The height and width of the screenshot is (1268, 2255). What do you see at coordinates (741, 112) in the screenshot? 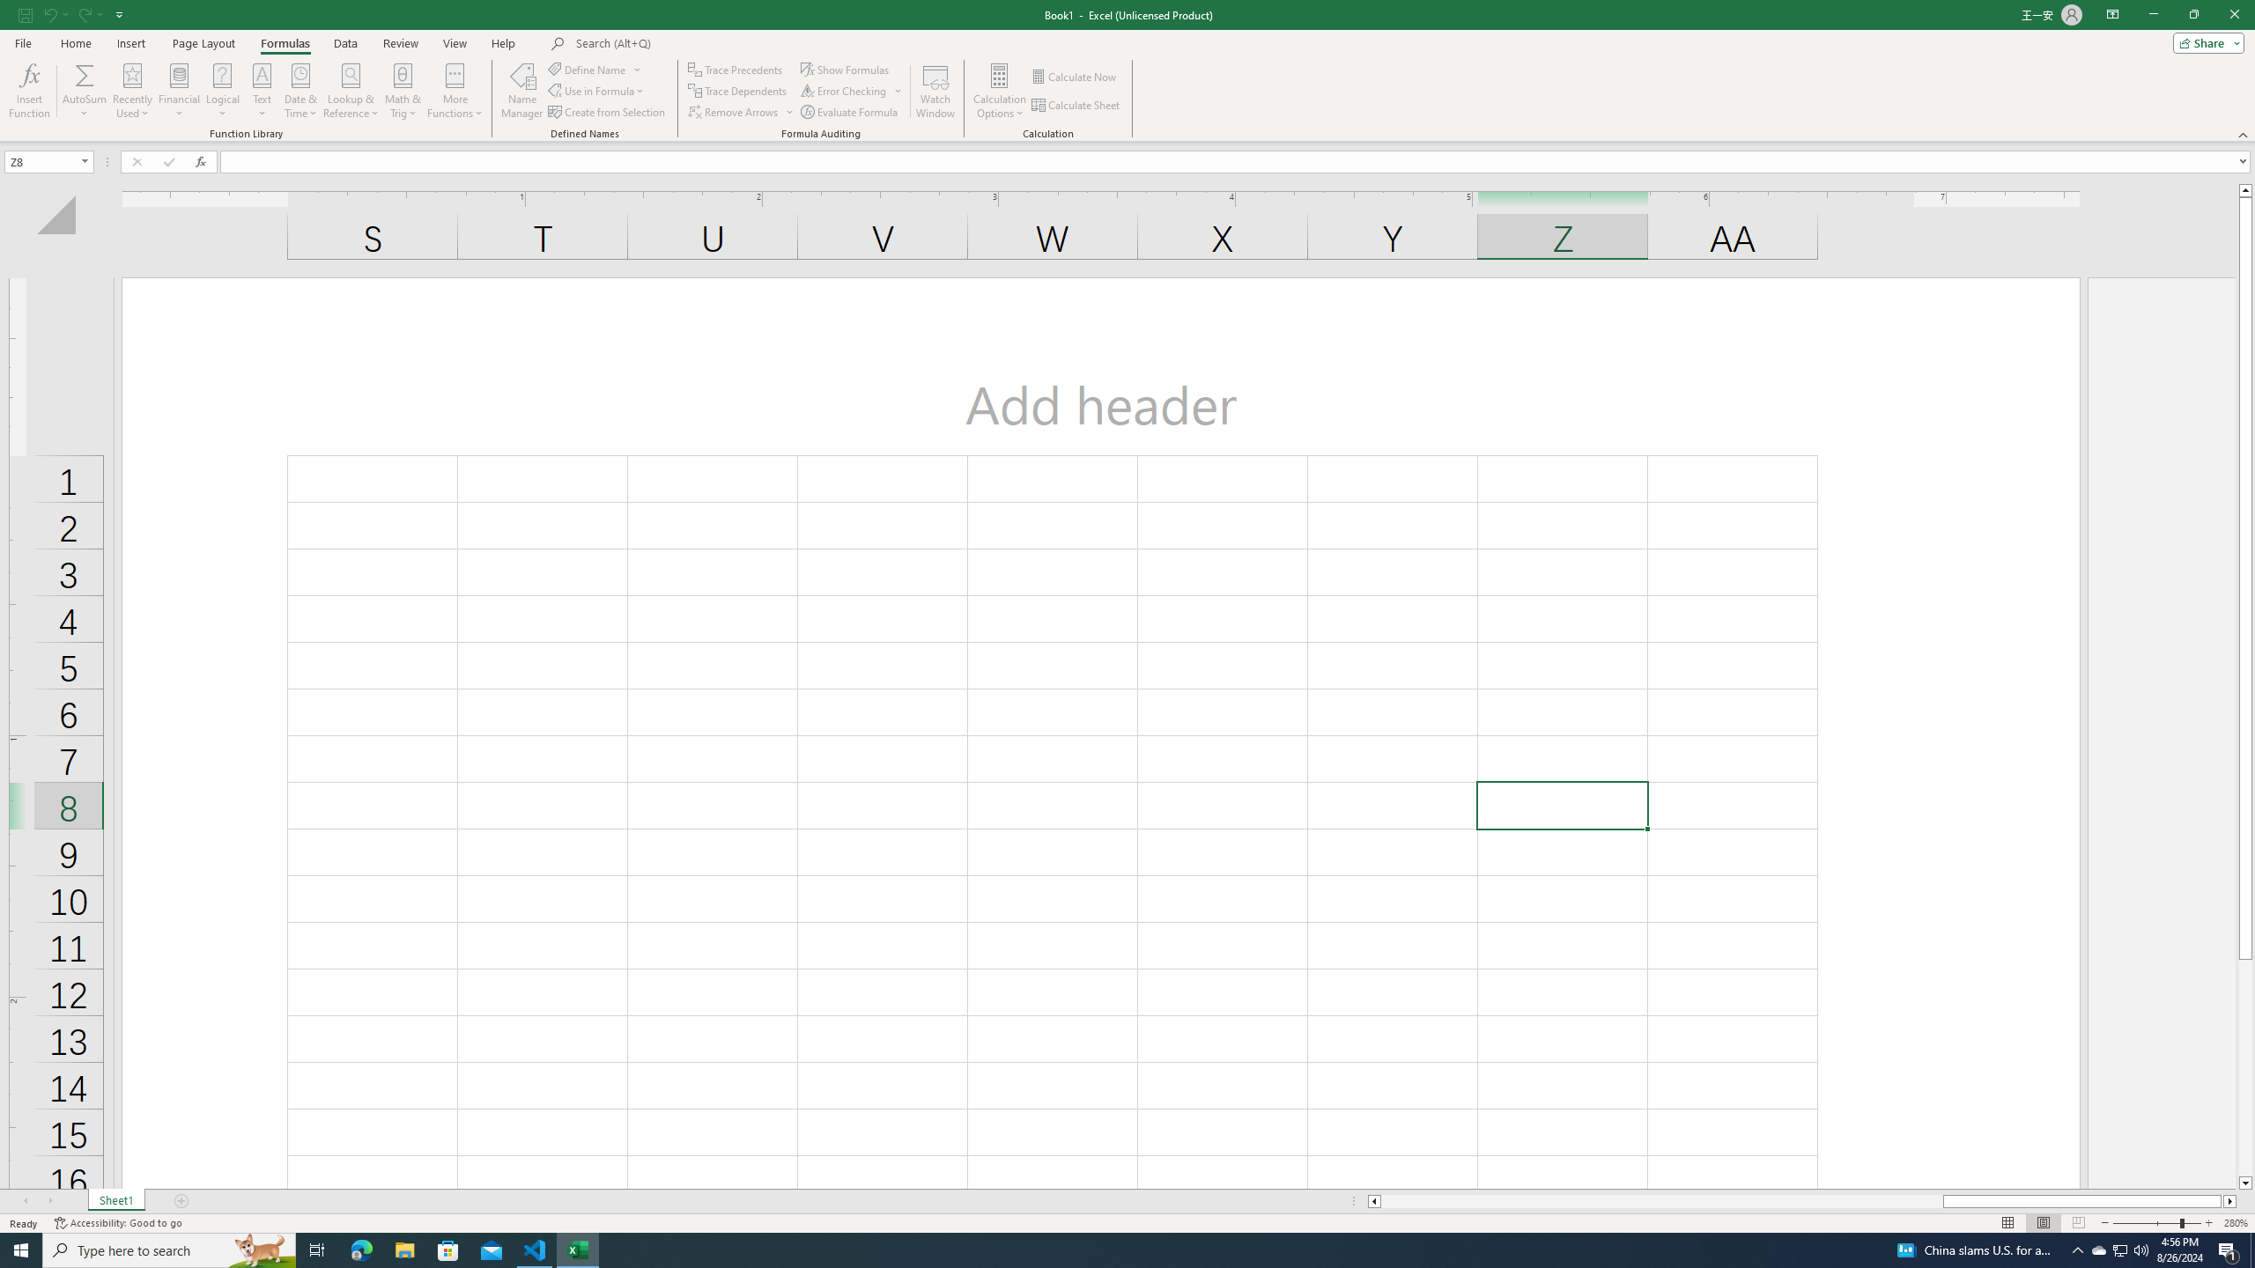
I see `'Remove Arrows'` at bounding box center [741, 112].